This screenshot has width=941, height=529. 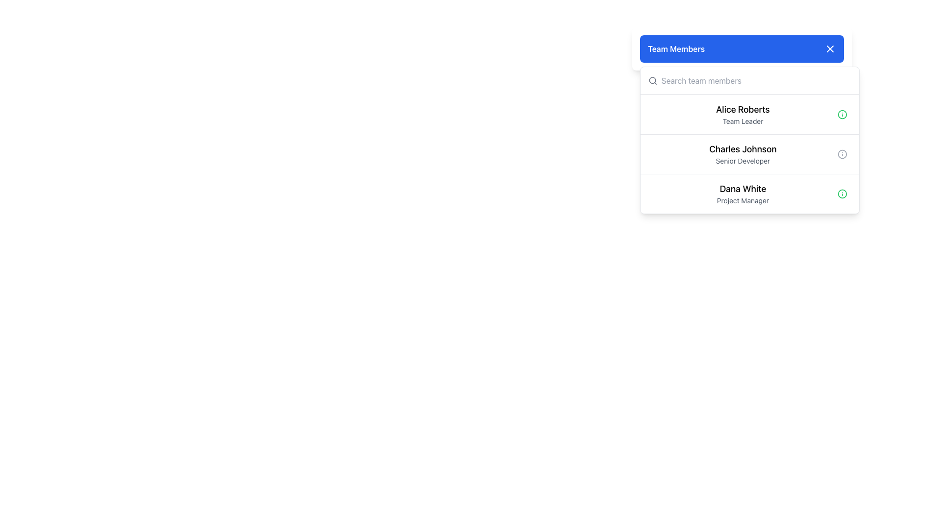 I want to click on the informational icon located to the far right of the text 'Alice Roberts Team Leader' in the first row of the list, so click(x=842, y=114).